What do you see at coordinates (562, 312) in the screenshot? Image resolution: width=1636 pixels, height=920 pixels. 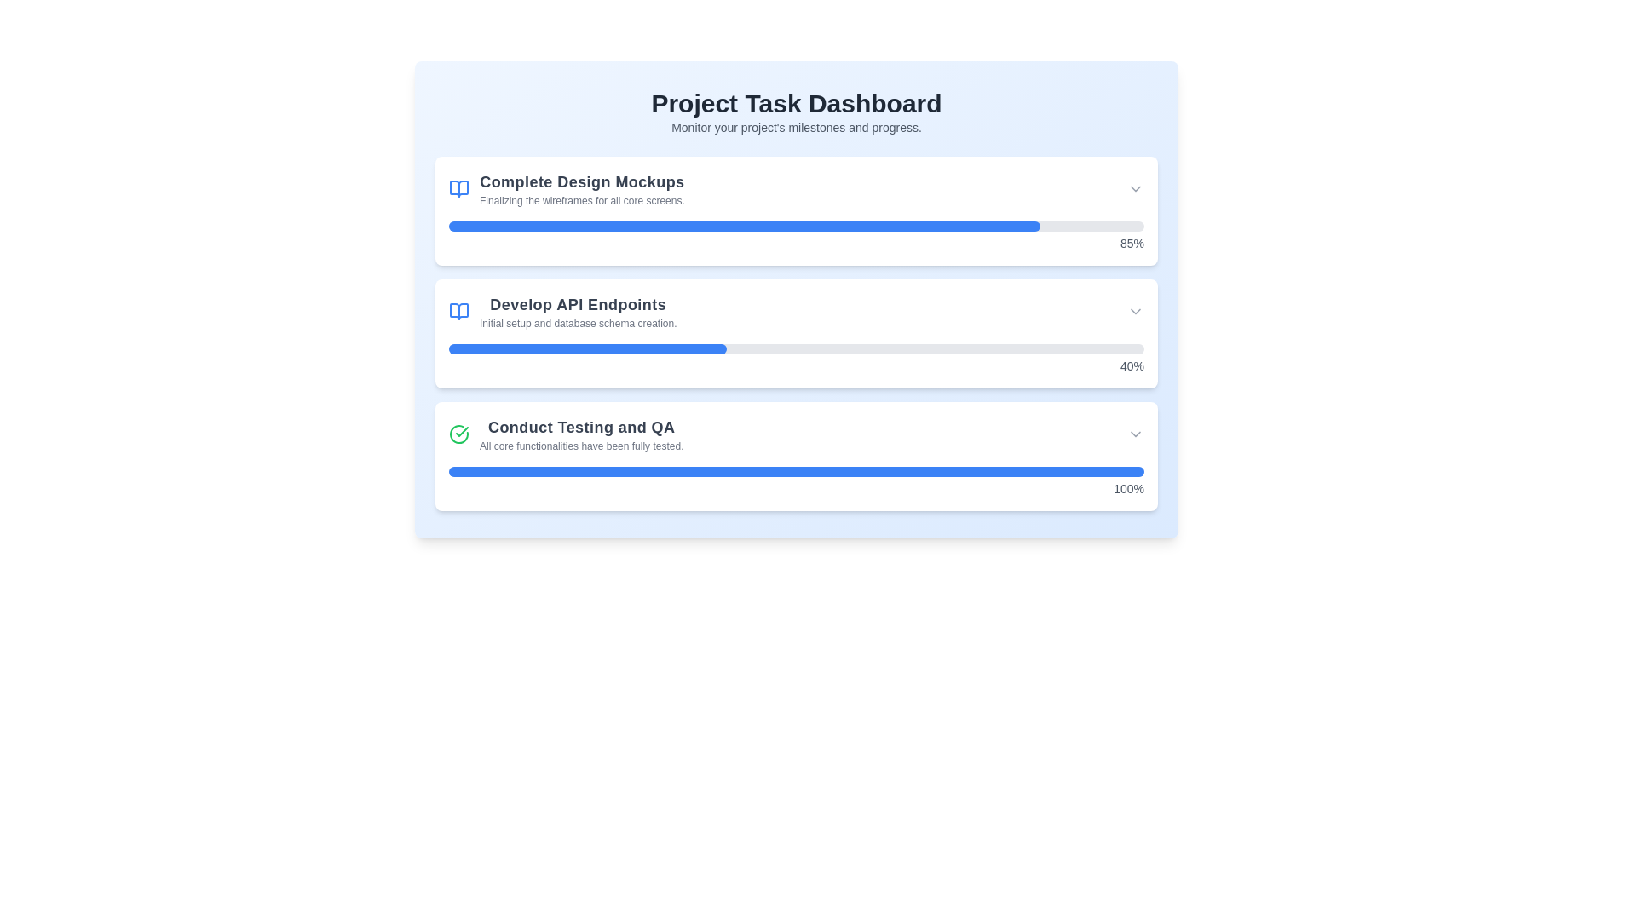 I see `the second task item in the project dashboard that contains the title 'Develop API Endpoints' and a blue book icon` at bounding box center [562, 312].